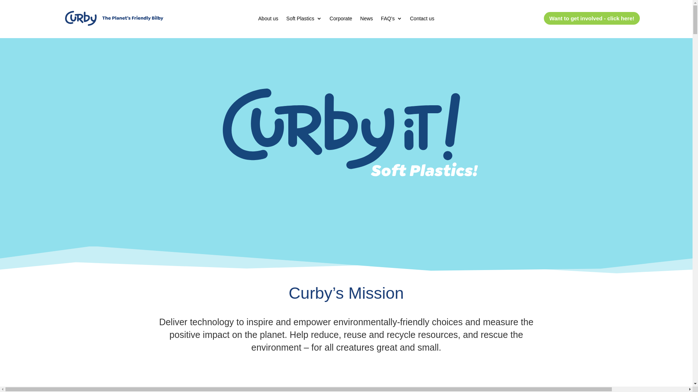  Describe the element at coordinates (268, 19) in the screenshot. I see `'About us'` at that location.